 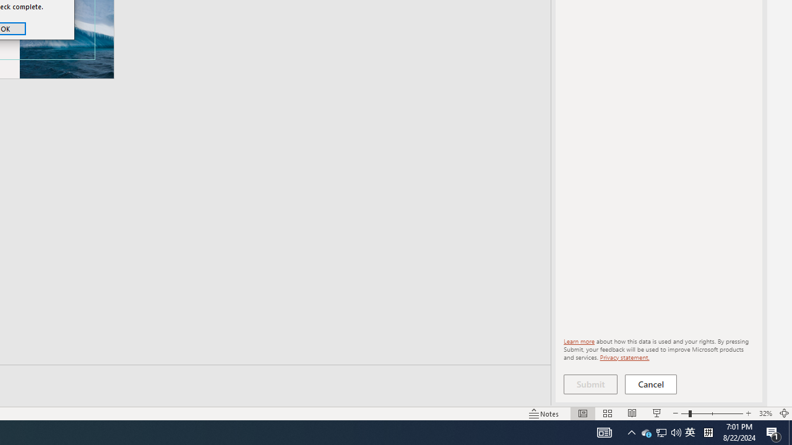 I want to click on 'Learn more', so click(x=579, y=341).